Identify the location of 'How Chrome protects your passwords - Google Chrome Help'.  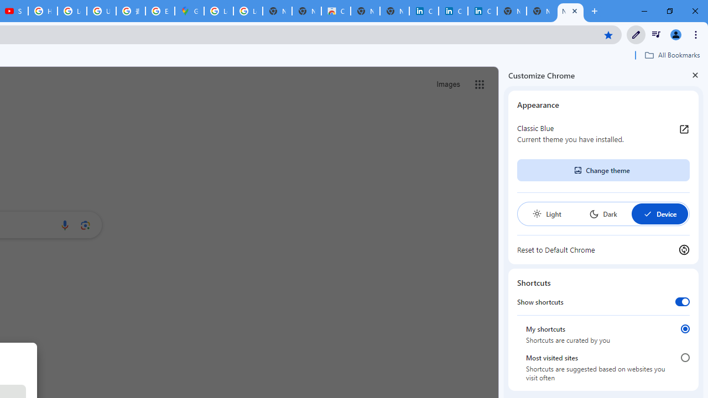
(43, 11).